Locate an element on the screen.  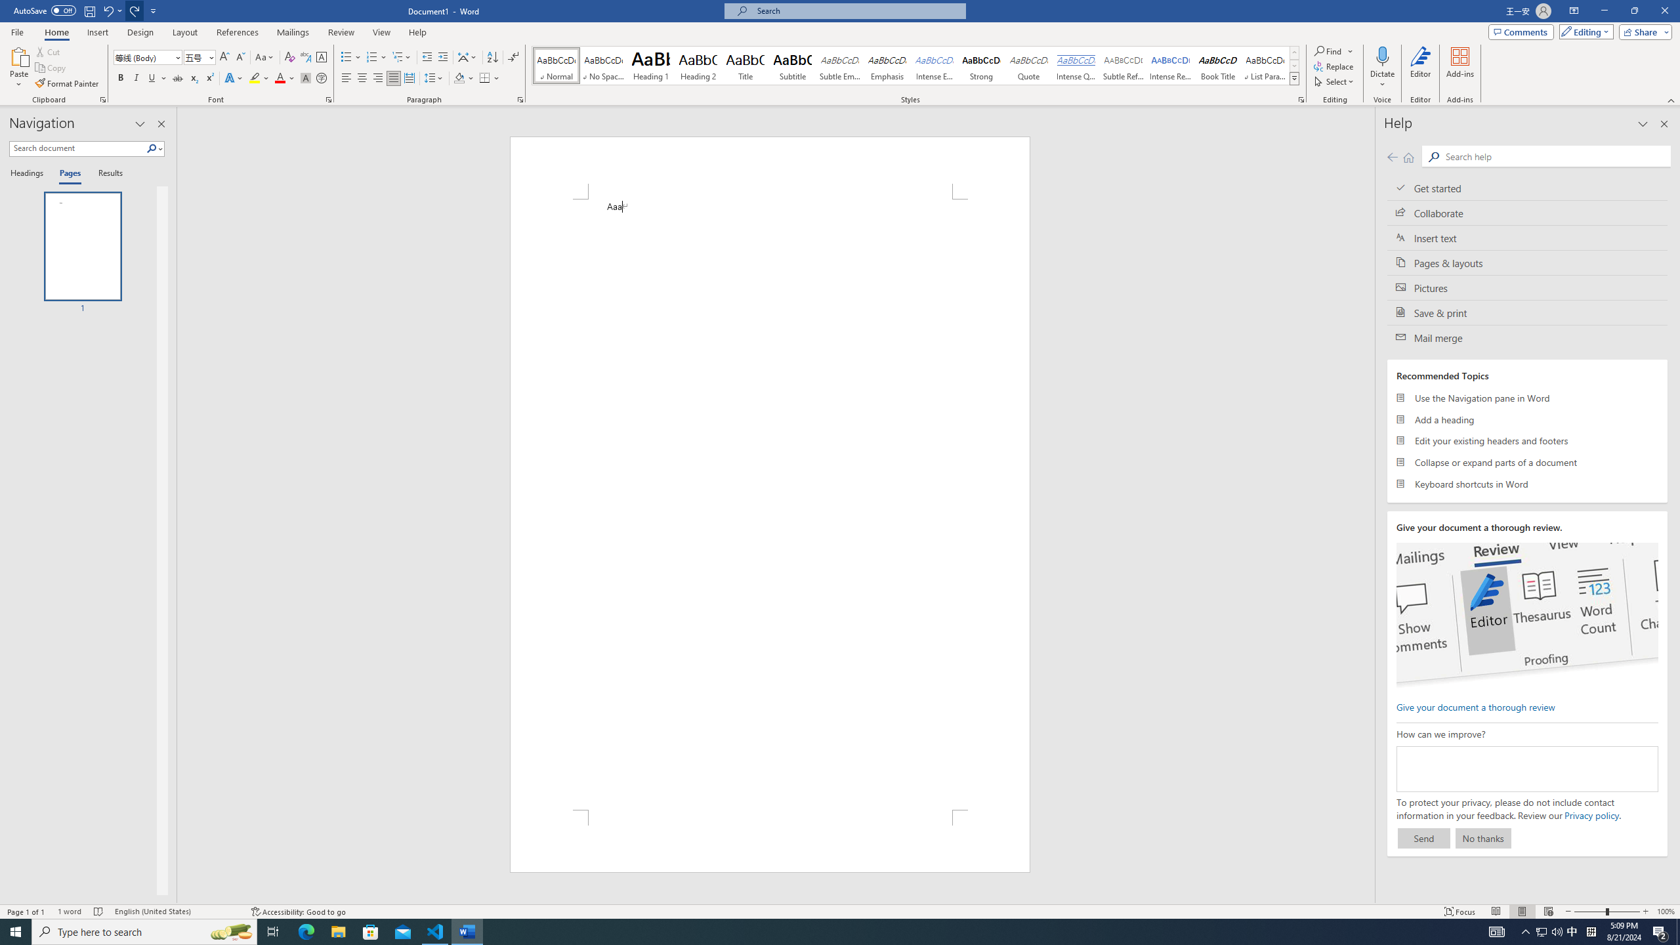
'Editor' is located at coordinates (1420, 68).